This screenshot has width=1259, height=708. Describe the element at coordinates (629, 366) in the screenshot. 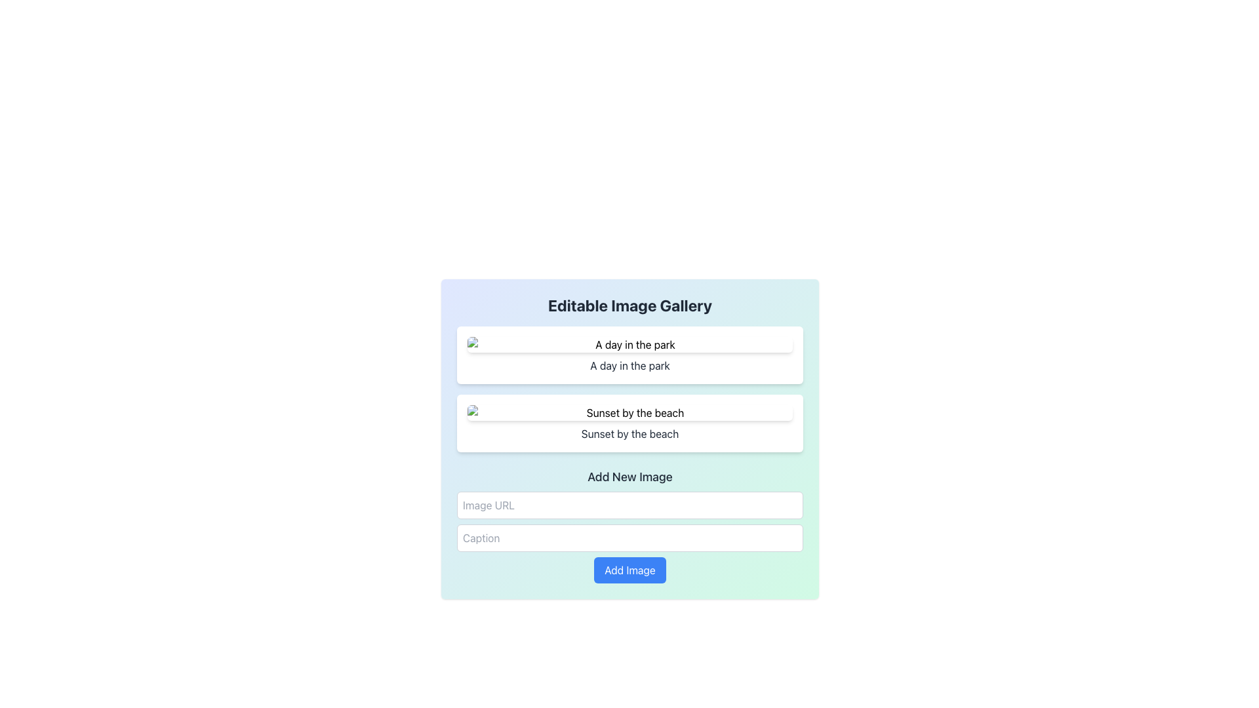

I see `the static text label that states 'A day in the park', which is rendered in dark gray color and located below its corresponding image` at that location.